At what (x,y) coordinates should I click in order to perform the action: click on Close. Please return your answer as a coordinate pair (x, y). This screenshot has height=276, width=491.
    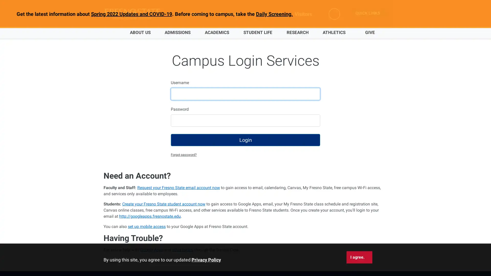
    Looking at the image, I should click on (473, 15).